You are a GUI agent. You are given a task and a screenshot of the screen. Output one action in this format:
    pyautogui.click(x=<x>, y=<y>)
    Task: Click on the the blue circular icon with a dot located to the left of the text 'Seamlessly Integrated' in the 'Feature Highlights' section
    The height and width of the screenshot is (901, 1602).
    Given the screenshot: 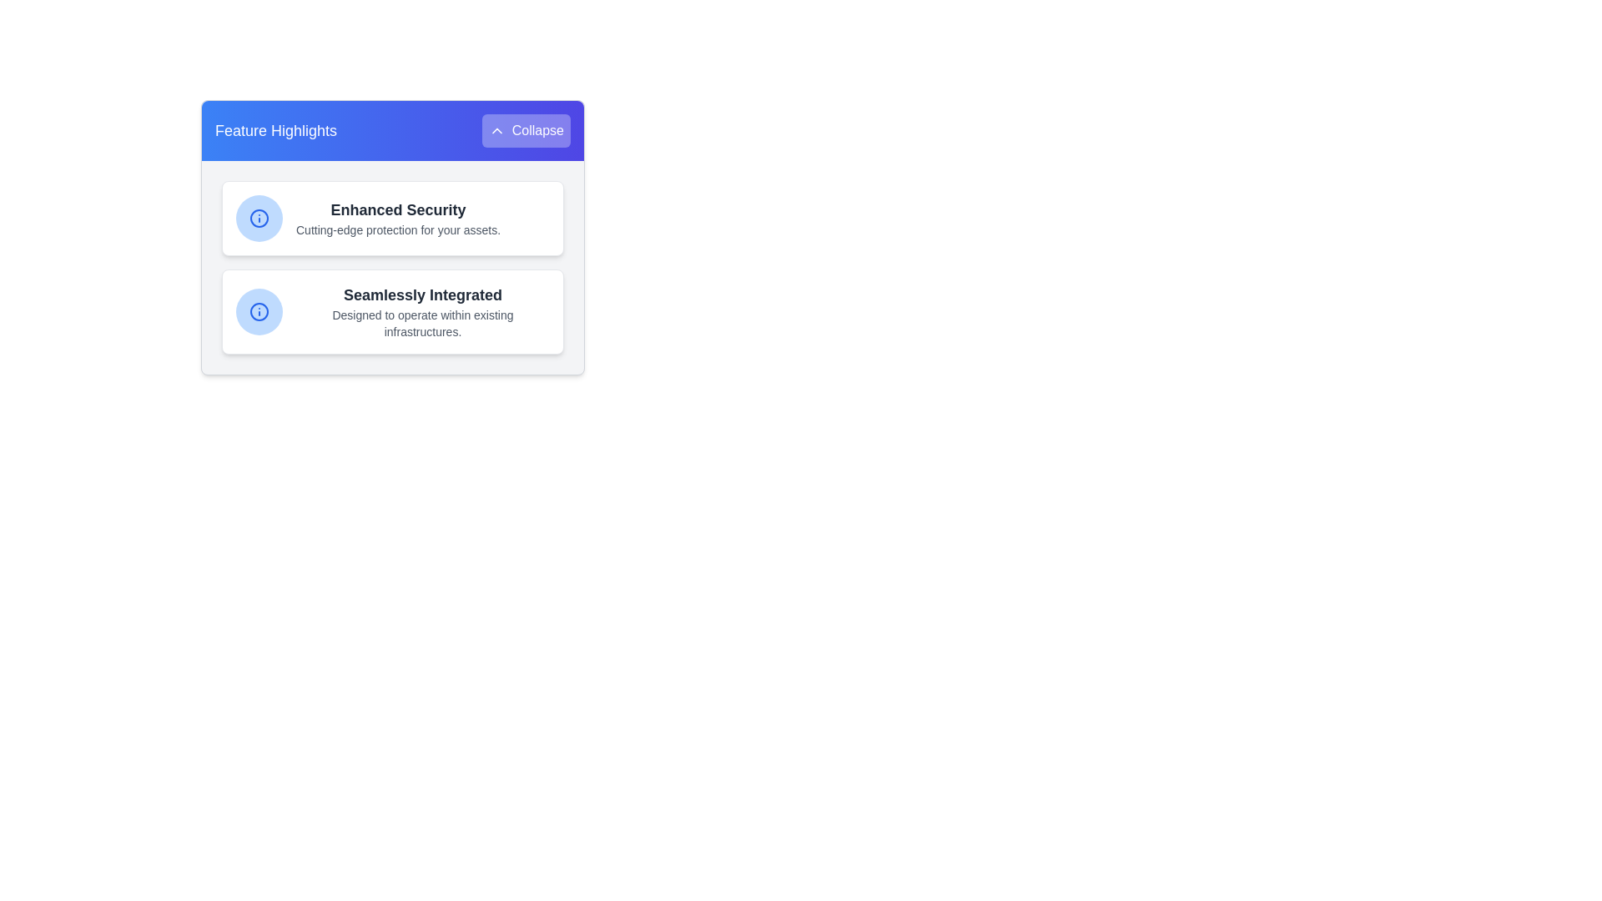 What is the action you would take?
    pyautogui.click(x=259, y=312)
    